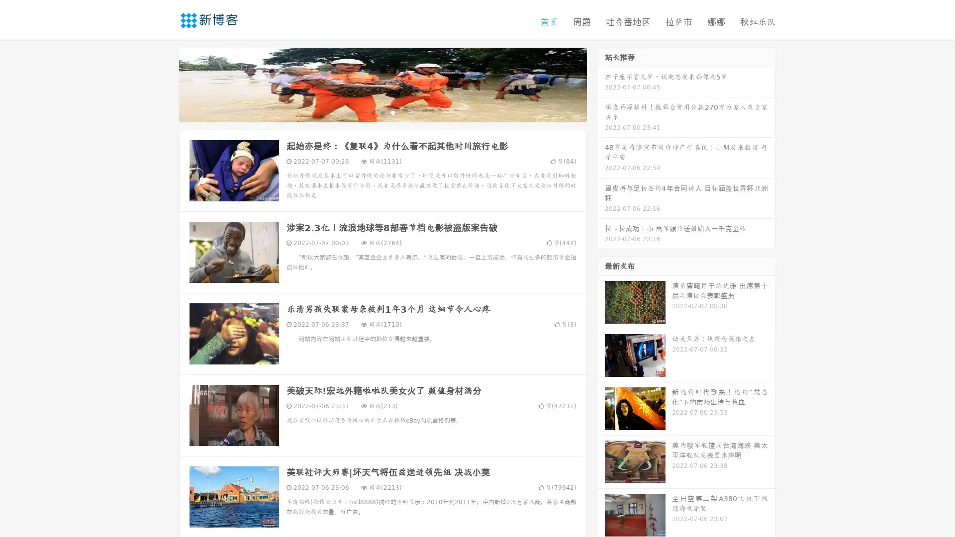 This screenshot has width=955, height=537. I want to click on Go to slide 1, so click(372, 112).